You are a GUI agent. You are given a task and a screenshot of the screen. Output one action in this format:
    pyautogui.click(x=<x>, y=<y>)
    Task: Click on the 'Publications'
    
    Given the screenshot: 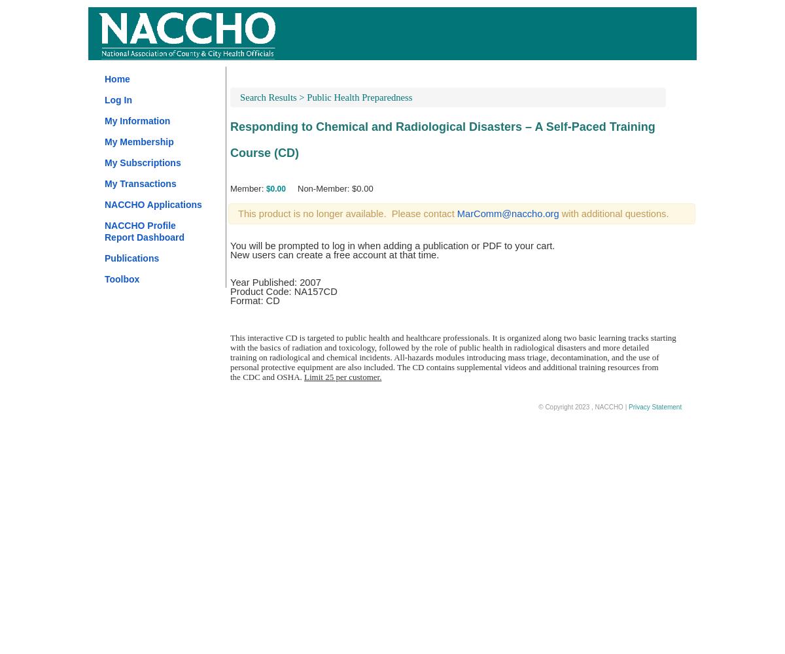 What is the action you would take?
    pyautogui.click(x=131, y=258)
    